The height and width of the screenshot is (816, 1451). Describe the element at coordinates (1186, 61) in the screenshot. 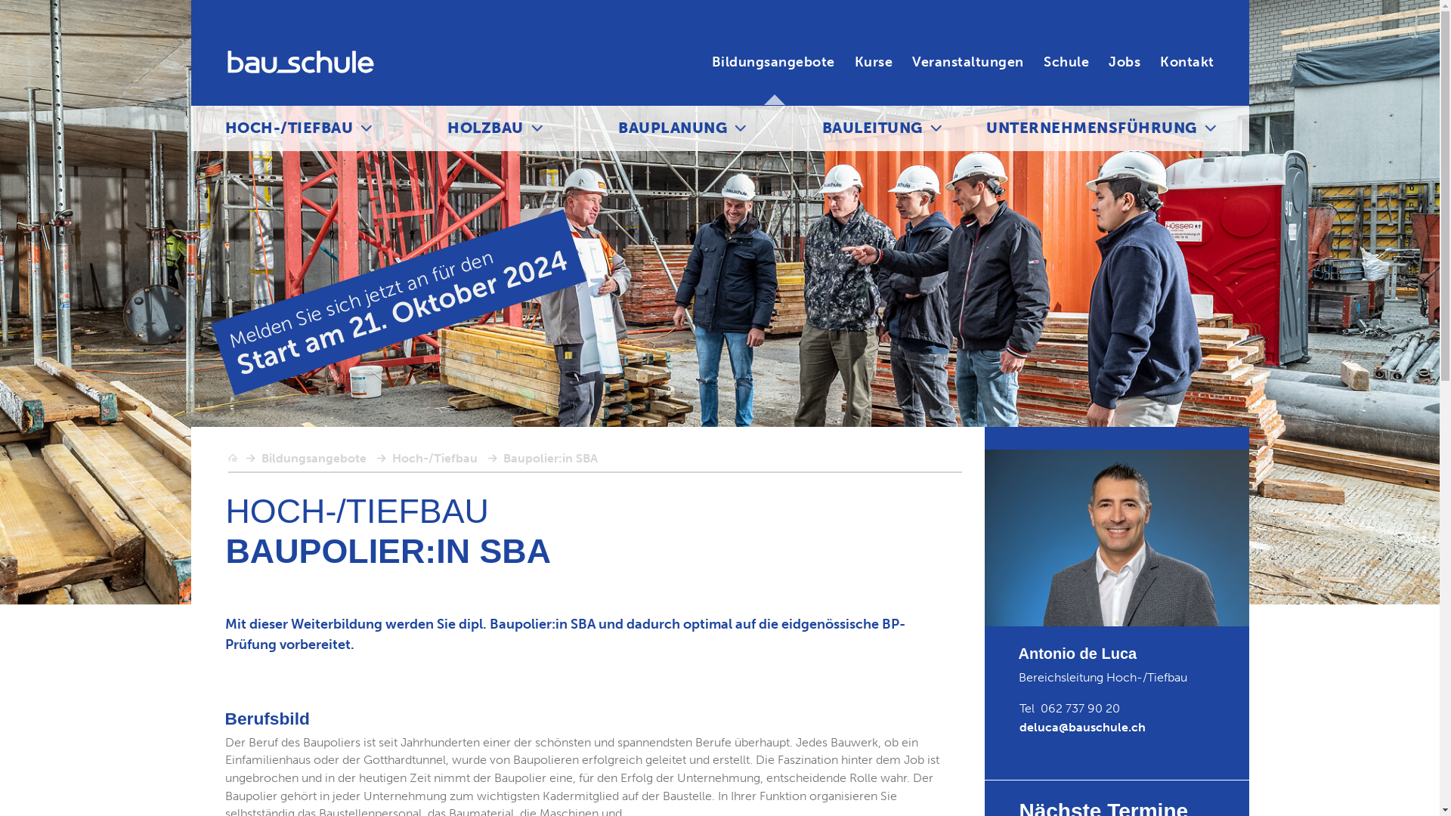

I see `'Kontakt'` at that location.